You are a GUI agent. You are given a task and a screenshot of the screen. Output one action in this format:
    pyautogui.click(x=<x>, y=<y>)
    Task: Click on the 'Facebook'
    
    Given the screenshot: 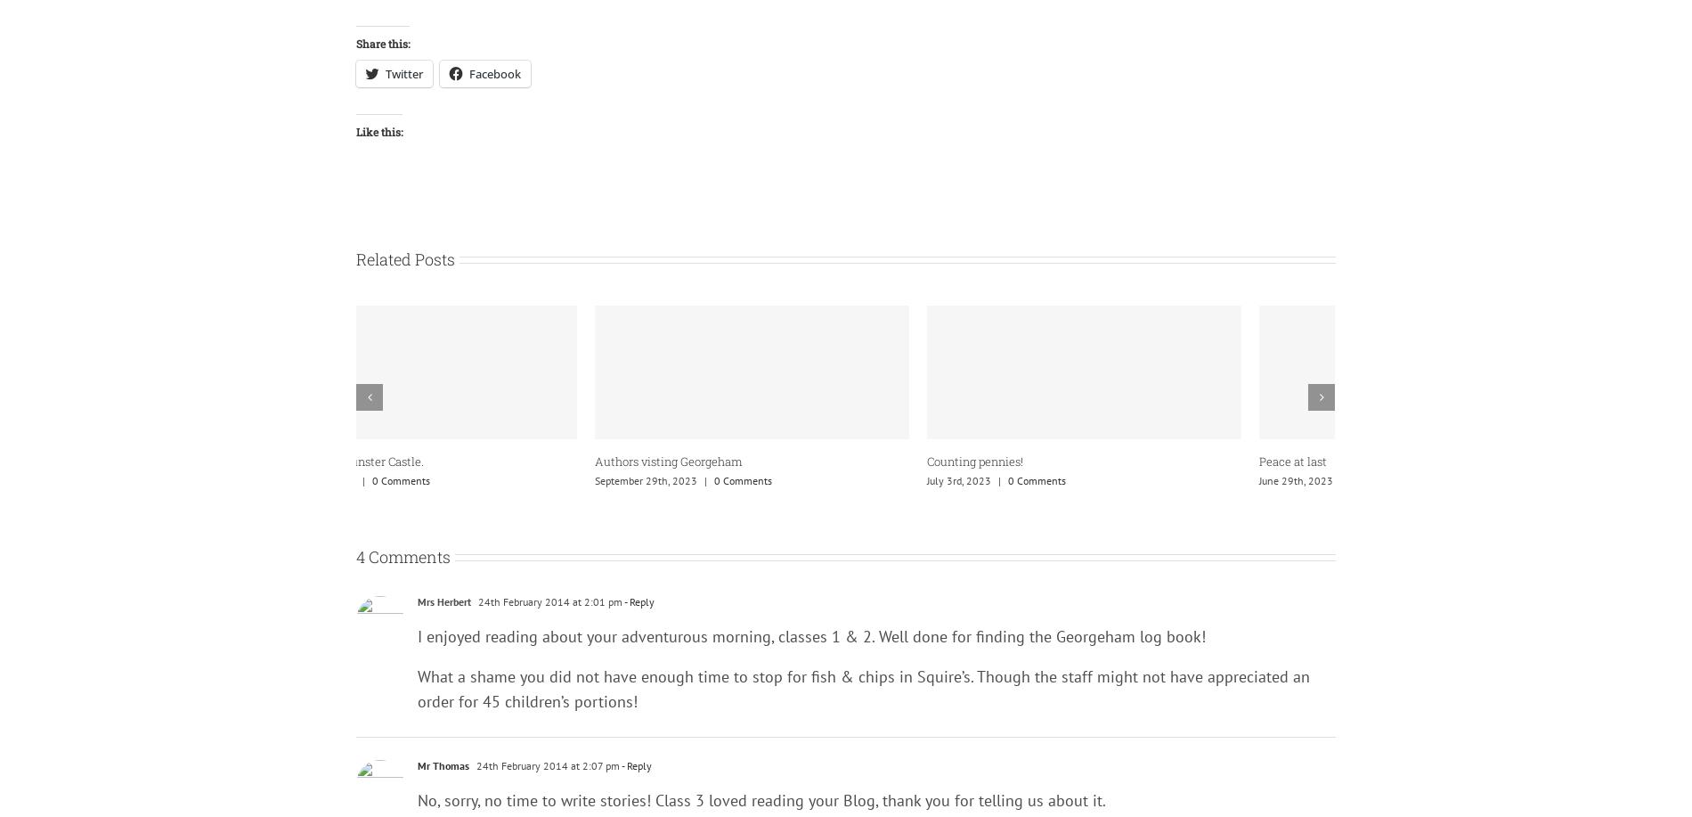 What is the action you would take?
    pyautogui.click(x=494, y=72)
    